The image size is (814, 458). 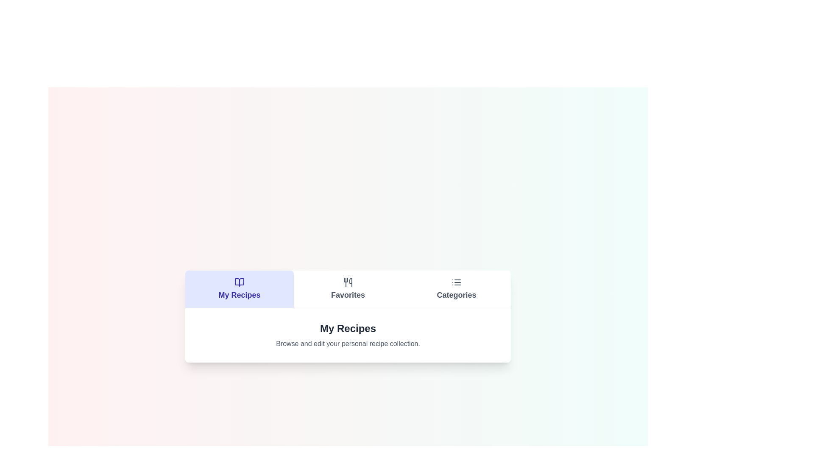 I want to click on the My Recipes tab, so click(x=239, y=288).